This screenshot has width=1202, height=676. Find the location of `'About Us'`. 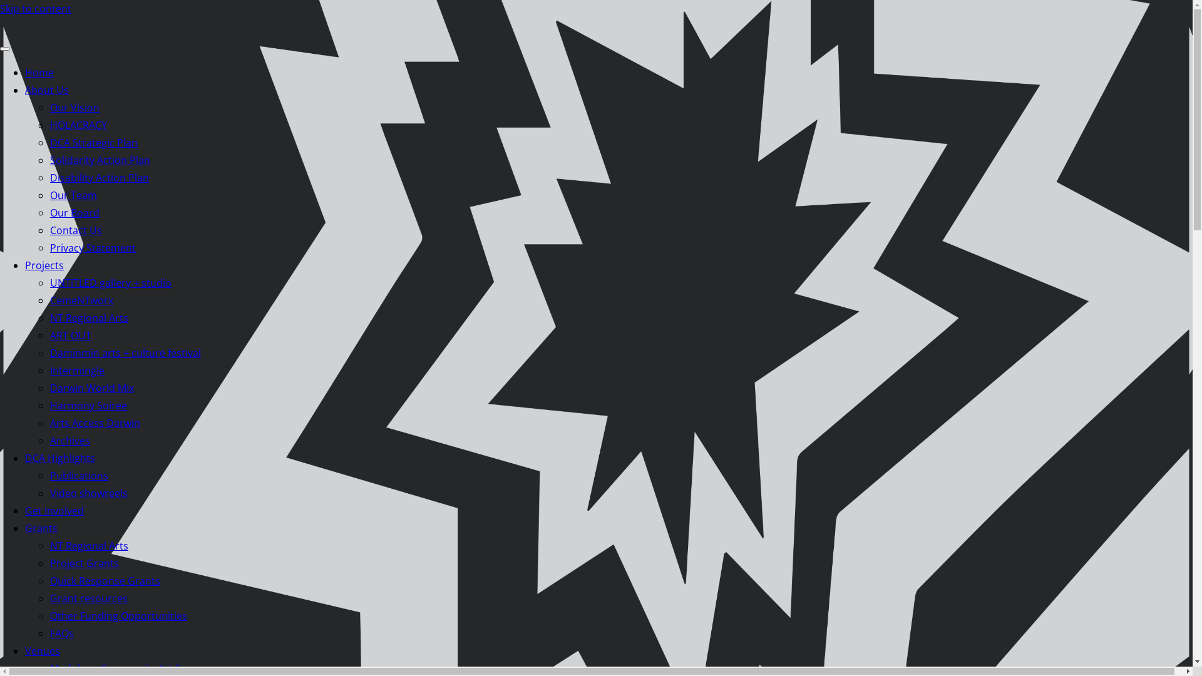

'About Us' is located at coordinates (47, 89).